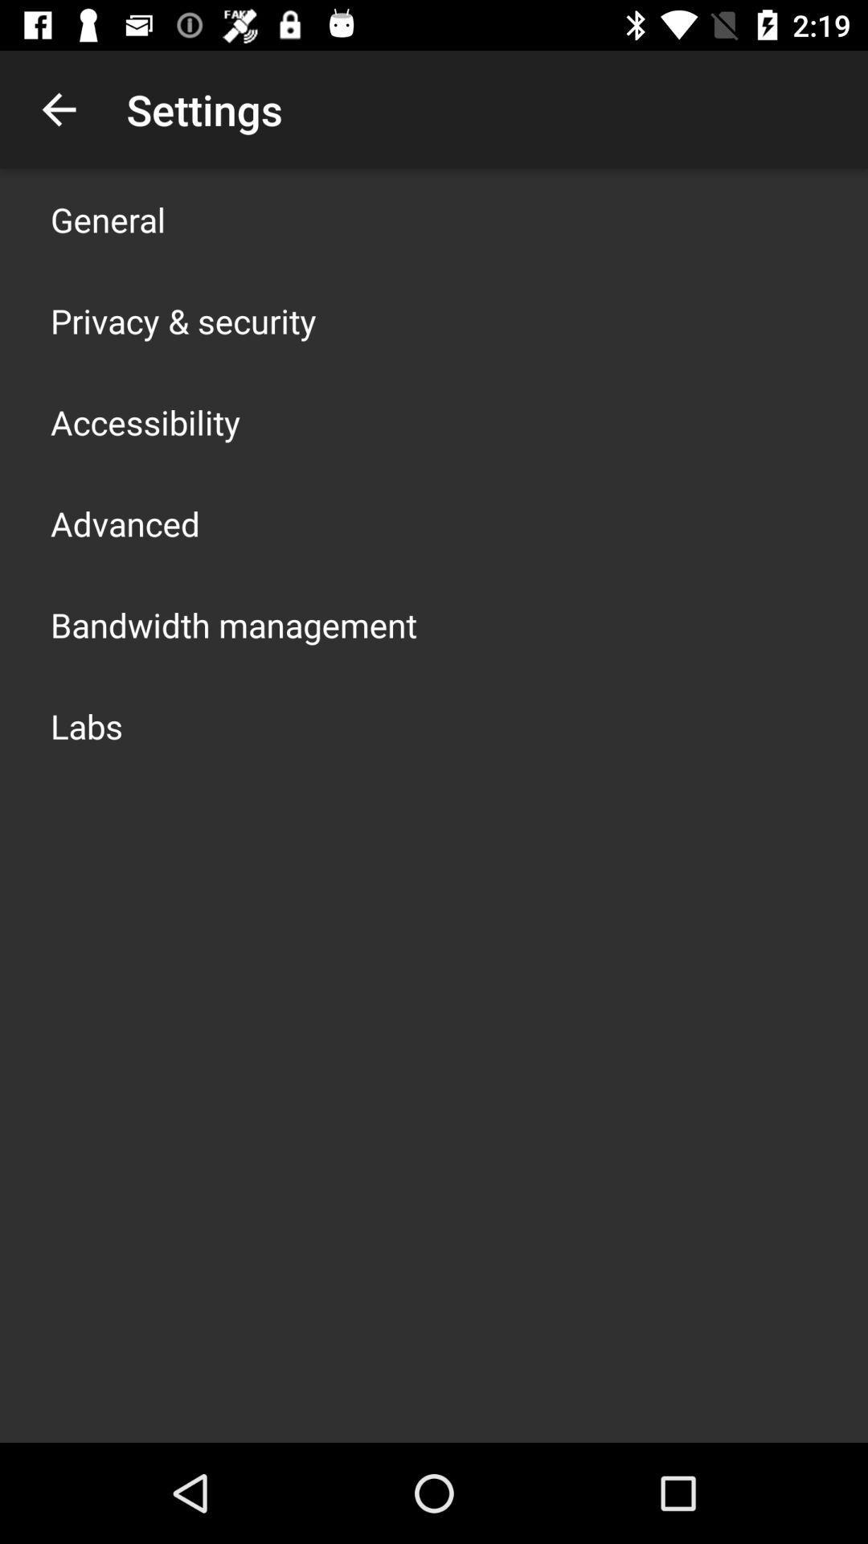  What do you see at coordinates (124, 524) in the screenshot?
I see `the item above the bandwidth management icon` at bounding box center [124, 524].